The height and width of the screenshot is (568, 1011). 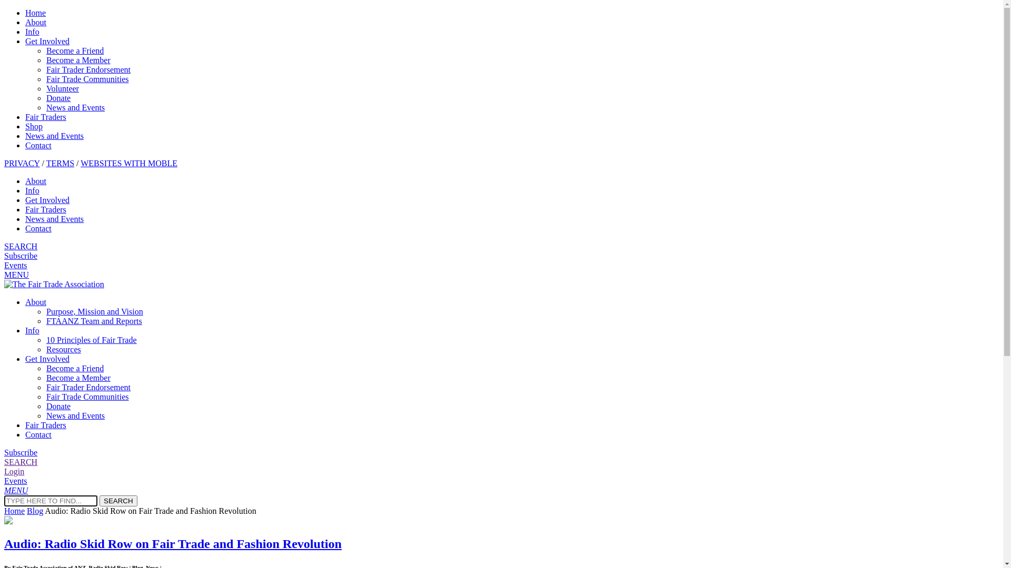 What do you see at coordinates (128, 163) in the screenshot?
I see `'WEBSITES WITH MOBLE'` at bounding box center [128, 163].